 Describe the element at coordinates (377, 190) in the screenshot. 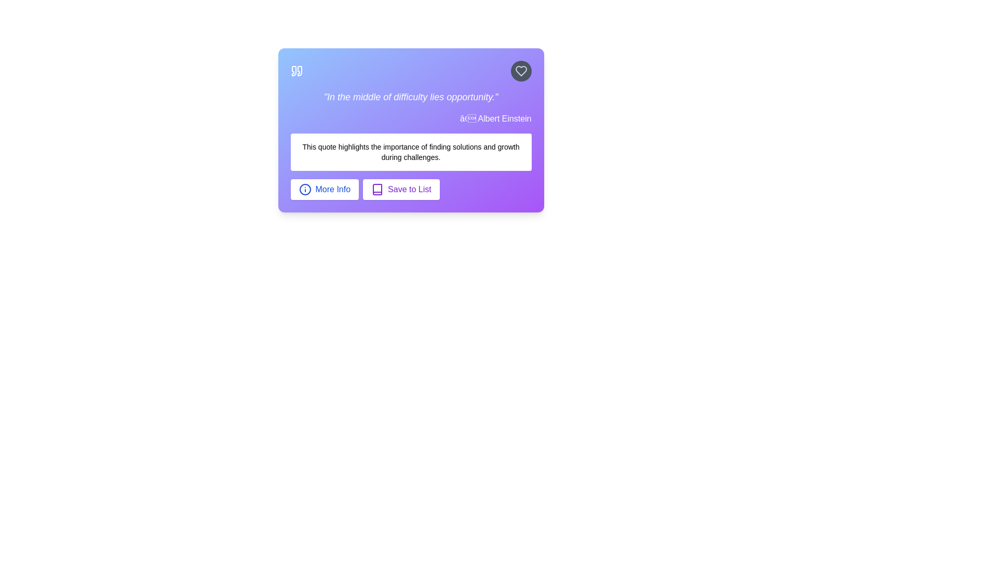

I see `the save icon located inside the 'Save to List' button` at that location.